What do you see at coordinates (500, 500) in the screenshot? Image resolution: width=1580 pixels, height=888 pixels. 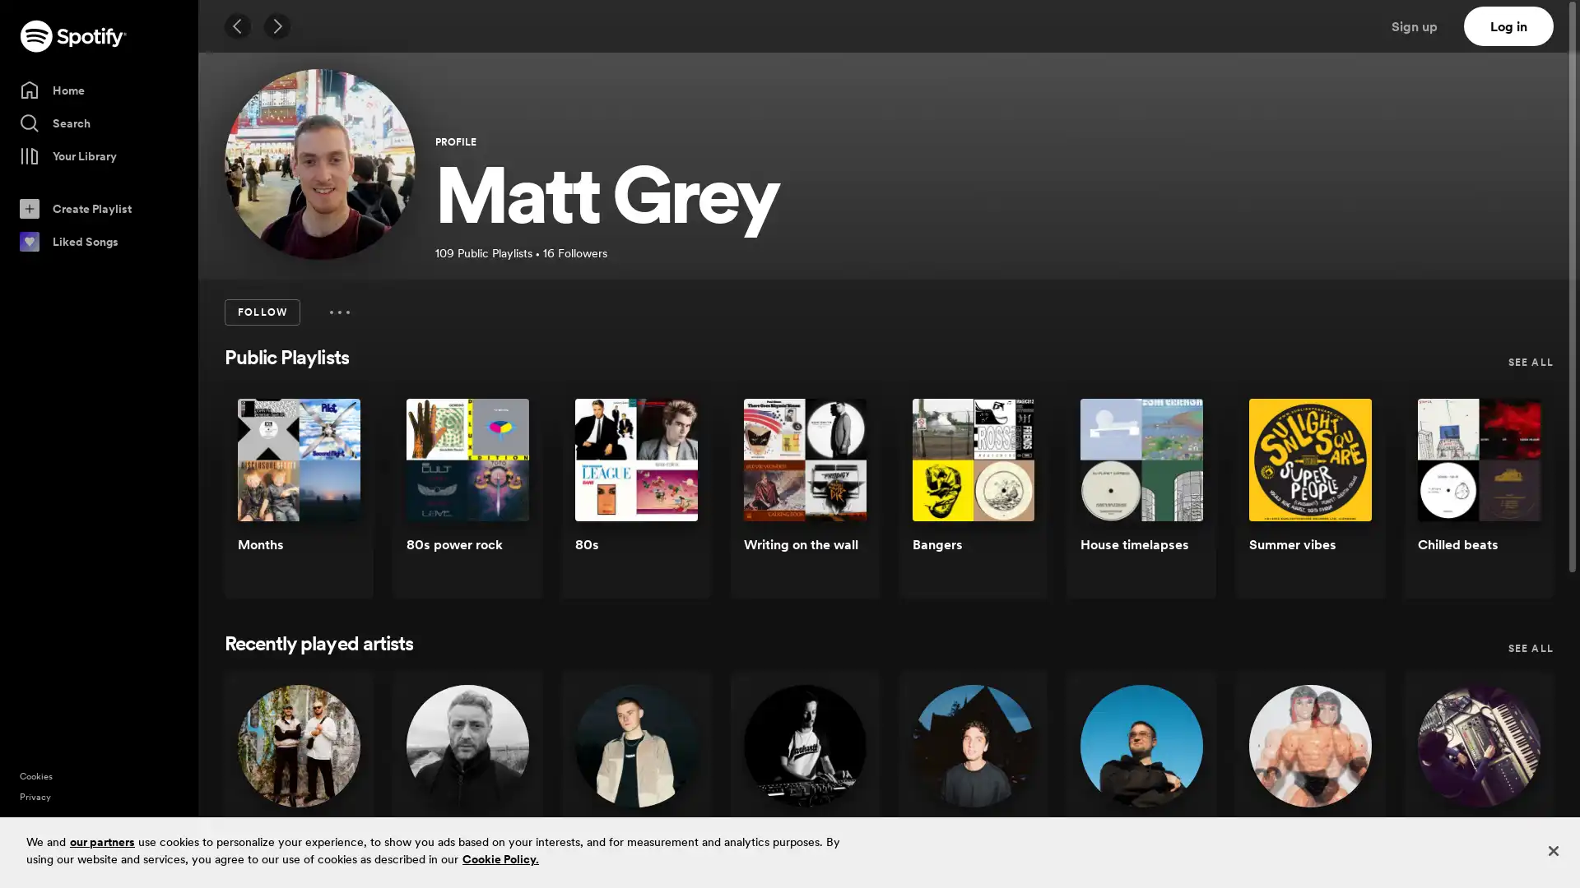 I see `Play 80s power rock` at bounding box center [500, 500].